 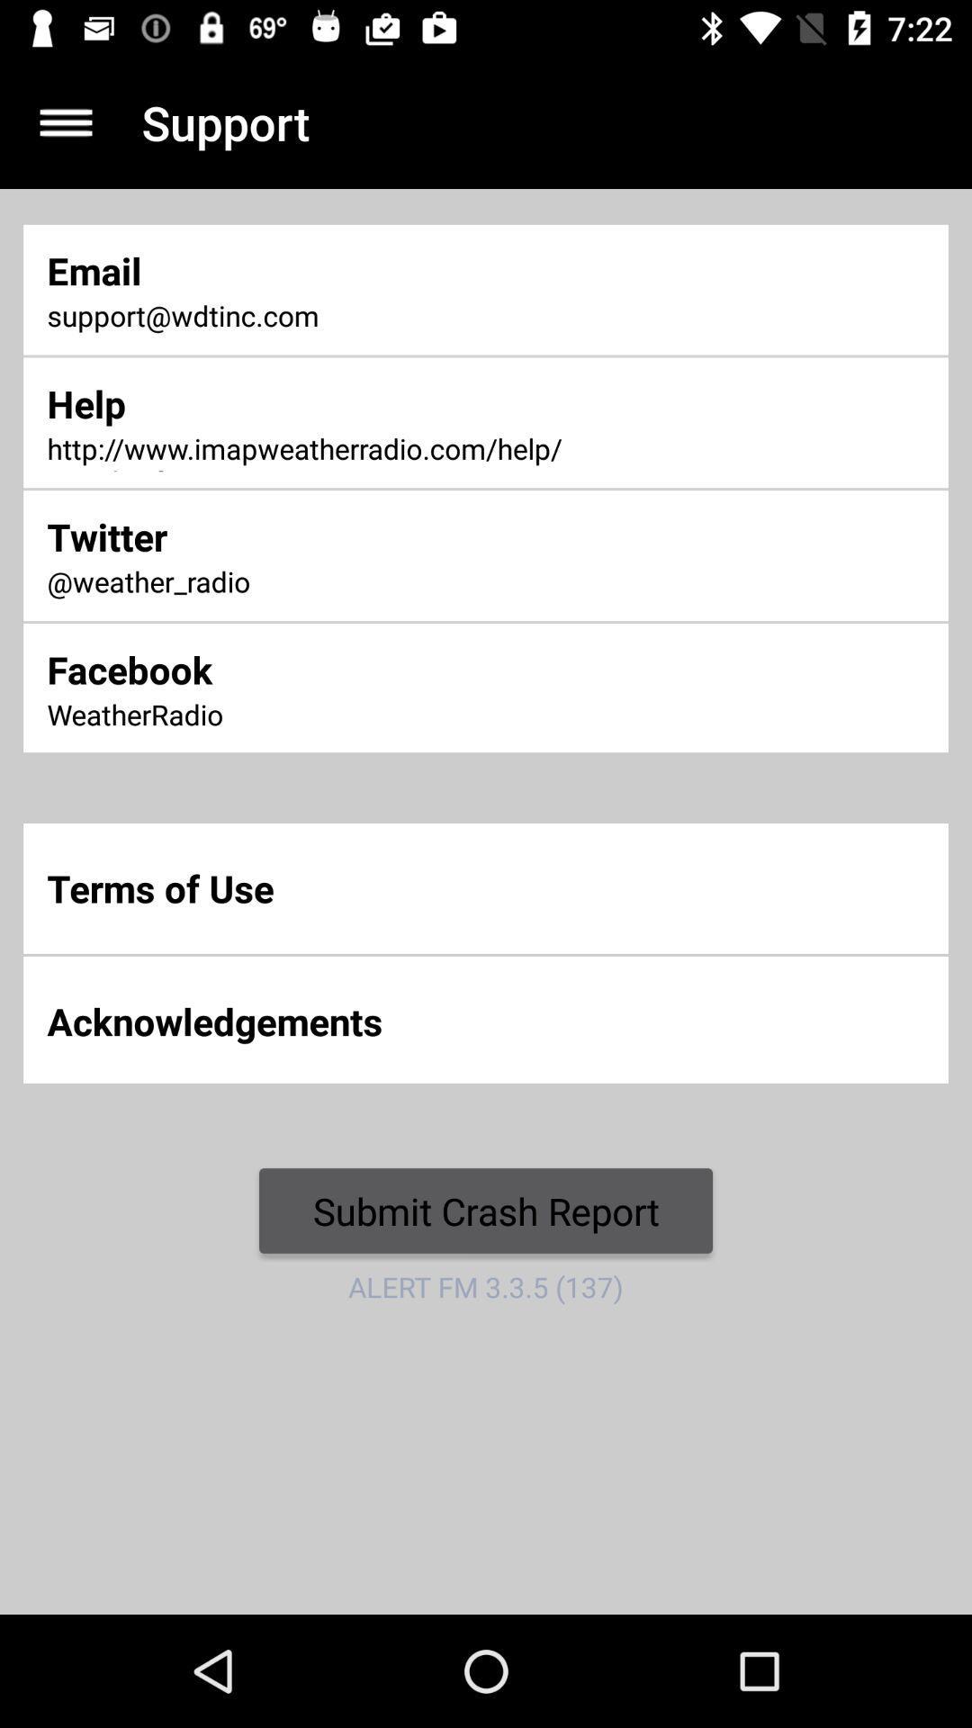 I want to click on item to the left of the support item, so click(x=65, y=121).